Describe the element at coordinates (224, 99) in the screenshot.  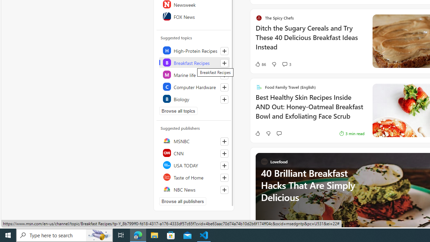
I see `'Follow this topic'` at that location.